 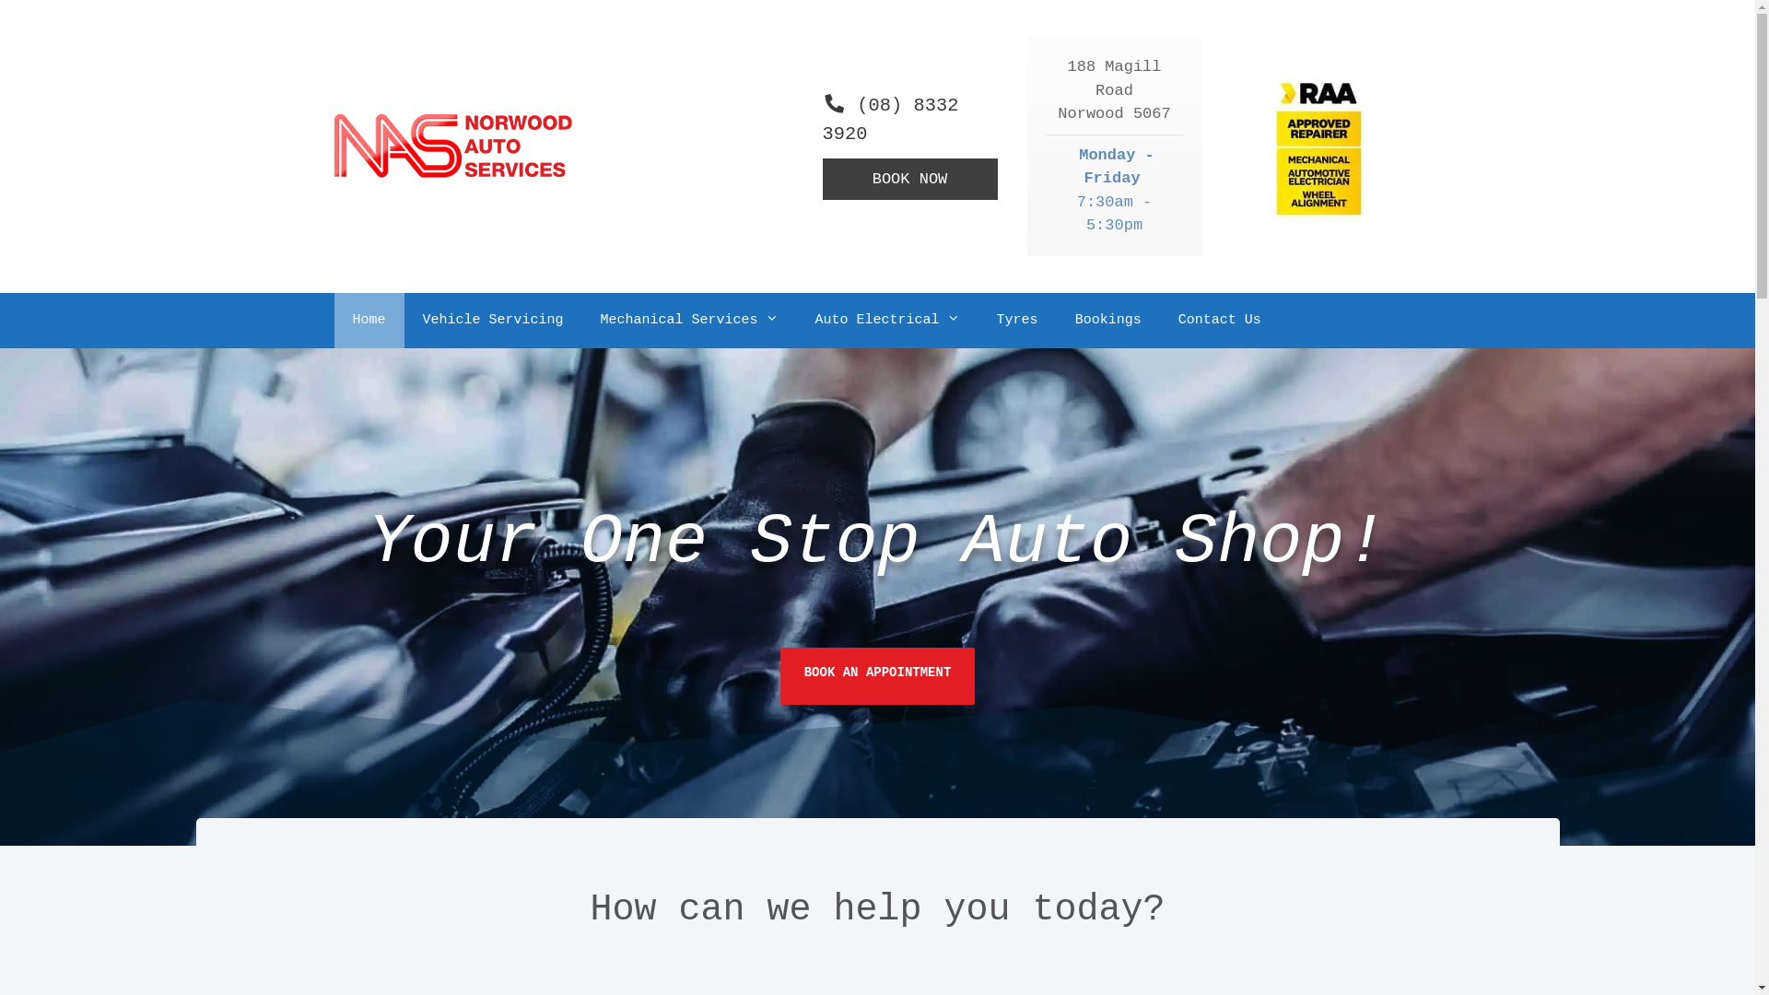 I want to click on 'Vehicle Servicing', so click(x=493, y=319).